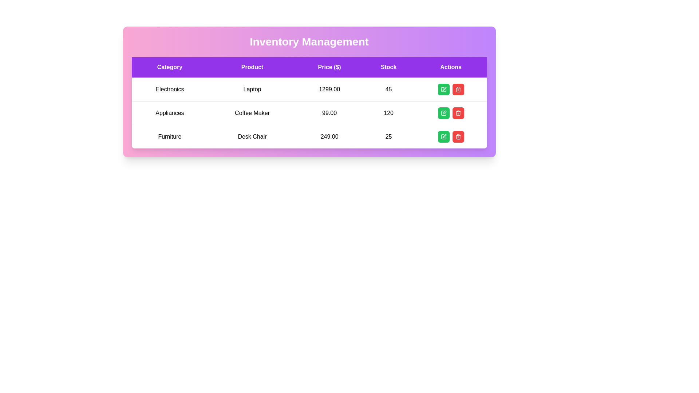  I want to click on the first green button in the 'Actions' column of the first row in the table, so click(443, 89).